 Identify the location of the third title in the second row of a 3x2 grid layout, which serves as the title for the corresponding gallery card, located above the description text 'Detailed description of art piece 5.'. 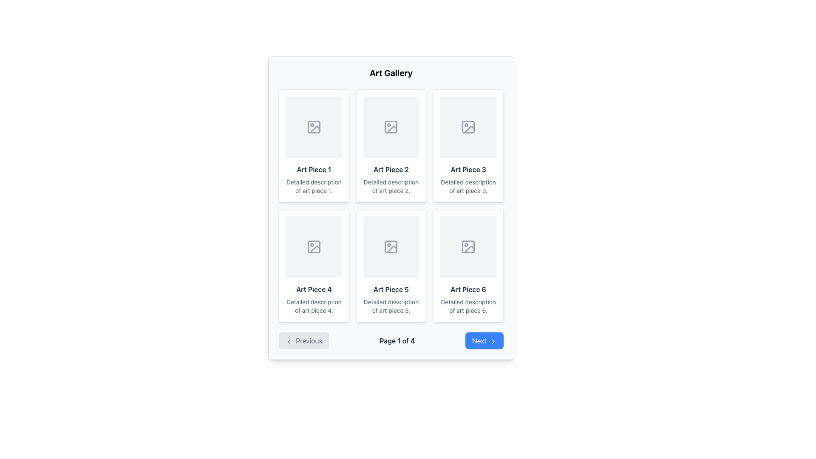
(391, 289).